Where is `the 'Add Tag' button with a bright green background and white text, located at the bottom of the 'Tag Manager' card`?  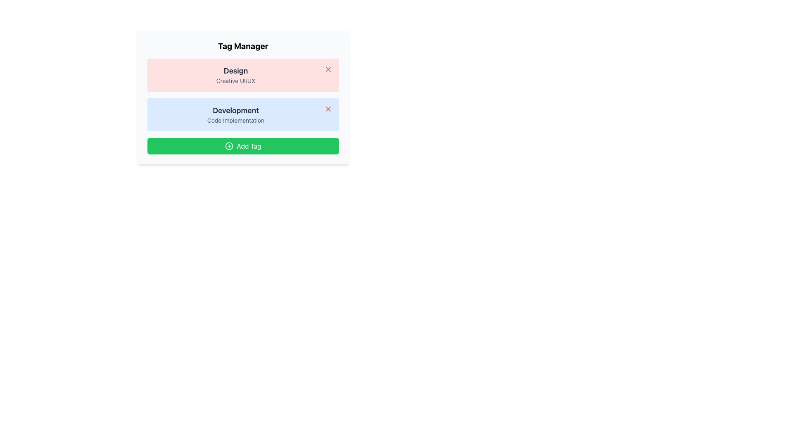 the 'Add Tag' button with a bright green background and white text, located at the bottom of the 'Tag Manager' card is located at coordinates (243, 146).